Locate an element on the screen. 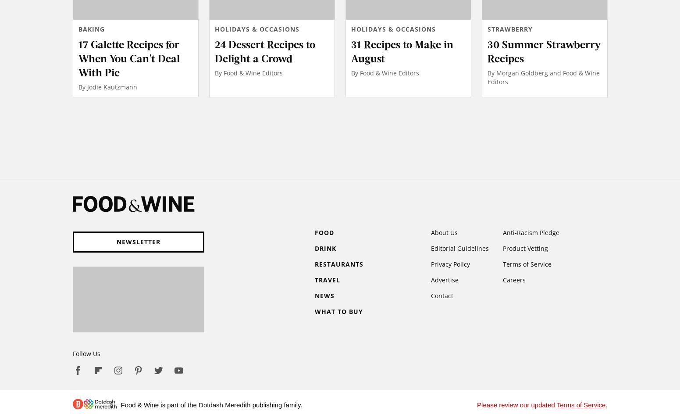  'News' is located at coordinates (324, 295).